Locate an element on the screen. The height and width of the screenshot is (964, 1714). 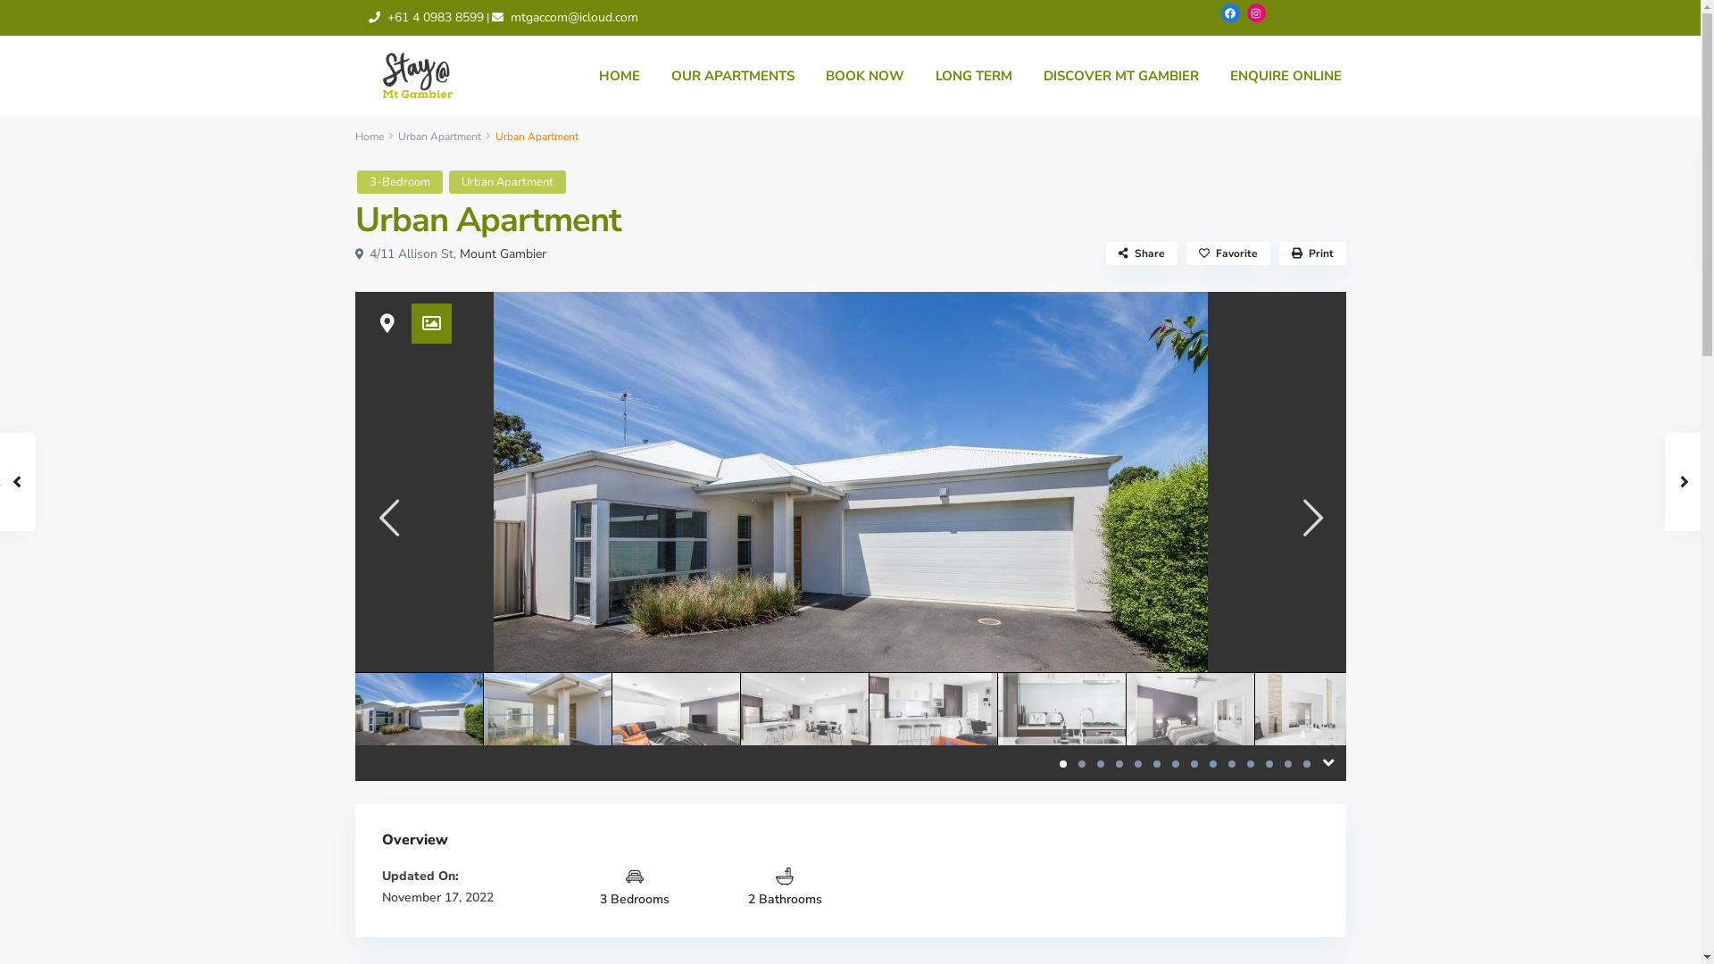
'OUR APARTMENTS' is located at coordinates (732, 74).